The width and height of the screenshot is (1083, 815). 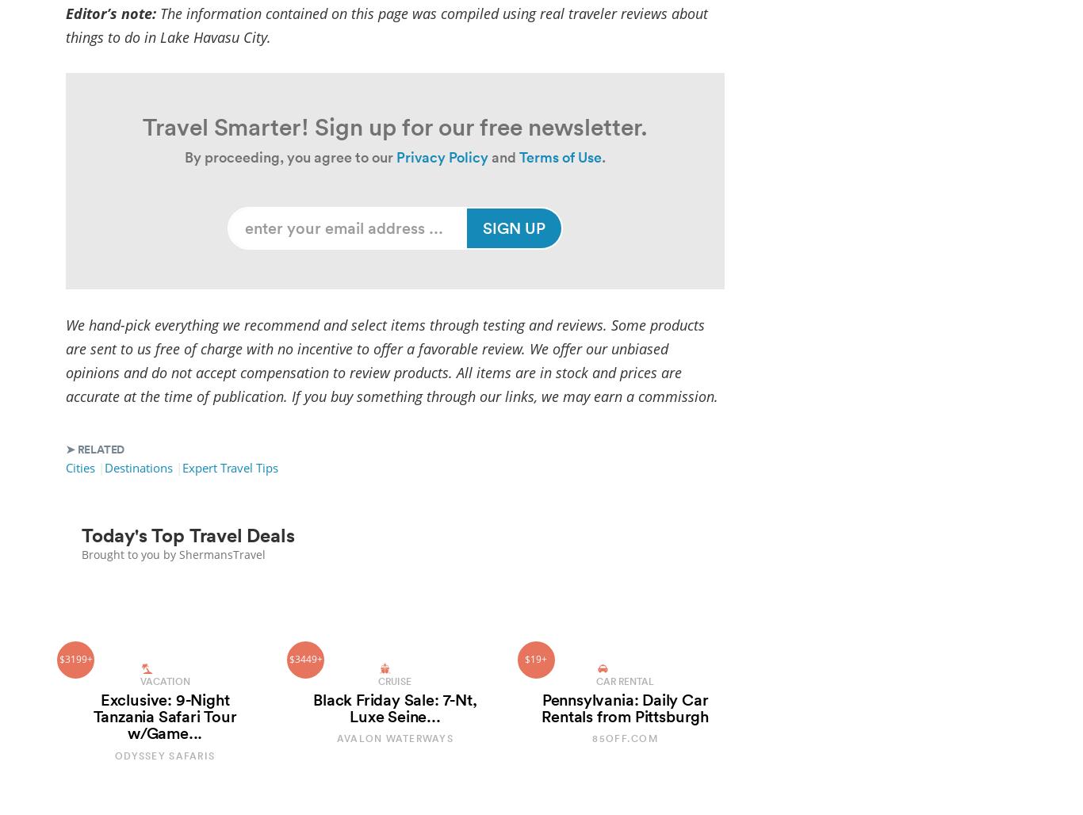 I want to click on 'Avalon Waterways', so click(x=394, y=738).